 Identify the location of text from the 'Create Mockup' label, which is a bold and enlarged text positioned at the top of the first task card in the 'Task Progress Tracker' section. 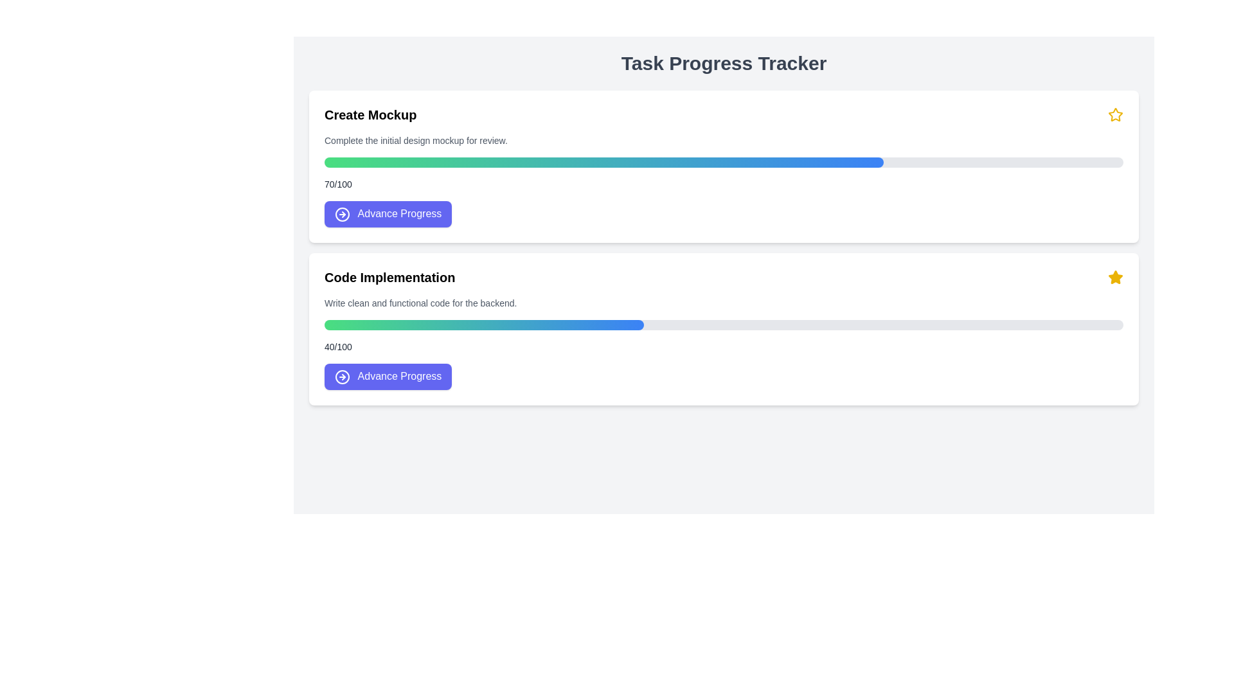
(370, 114).